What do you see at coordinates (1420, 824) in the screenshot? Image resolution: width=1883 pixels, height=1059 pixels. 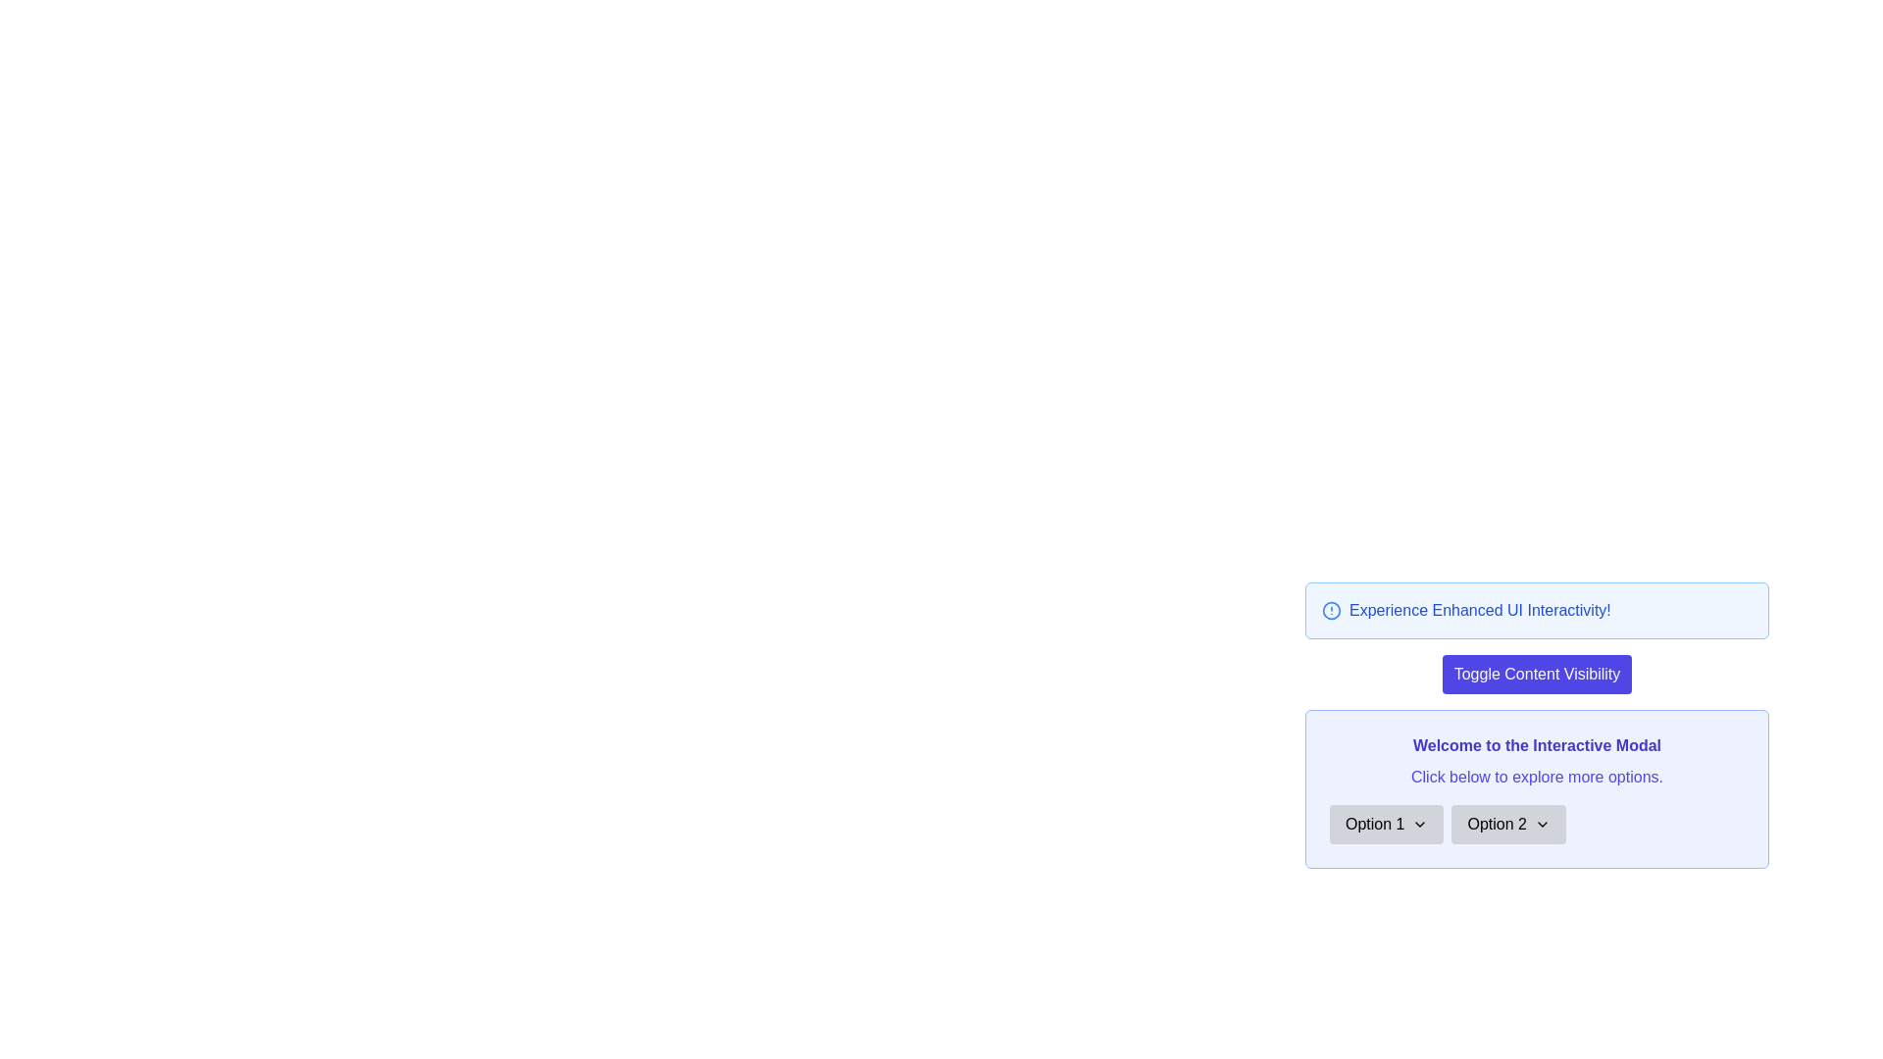 I see `the dropdown indicator icon featuring a downward-pointing arrow, located to the right of the text 'Option 1'` at bounding box center [1420, 824].